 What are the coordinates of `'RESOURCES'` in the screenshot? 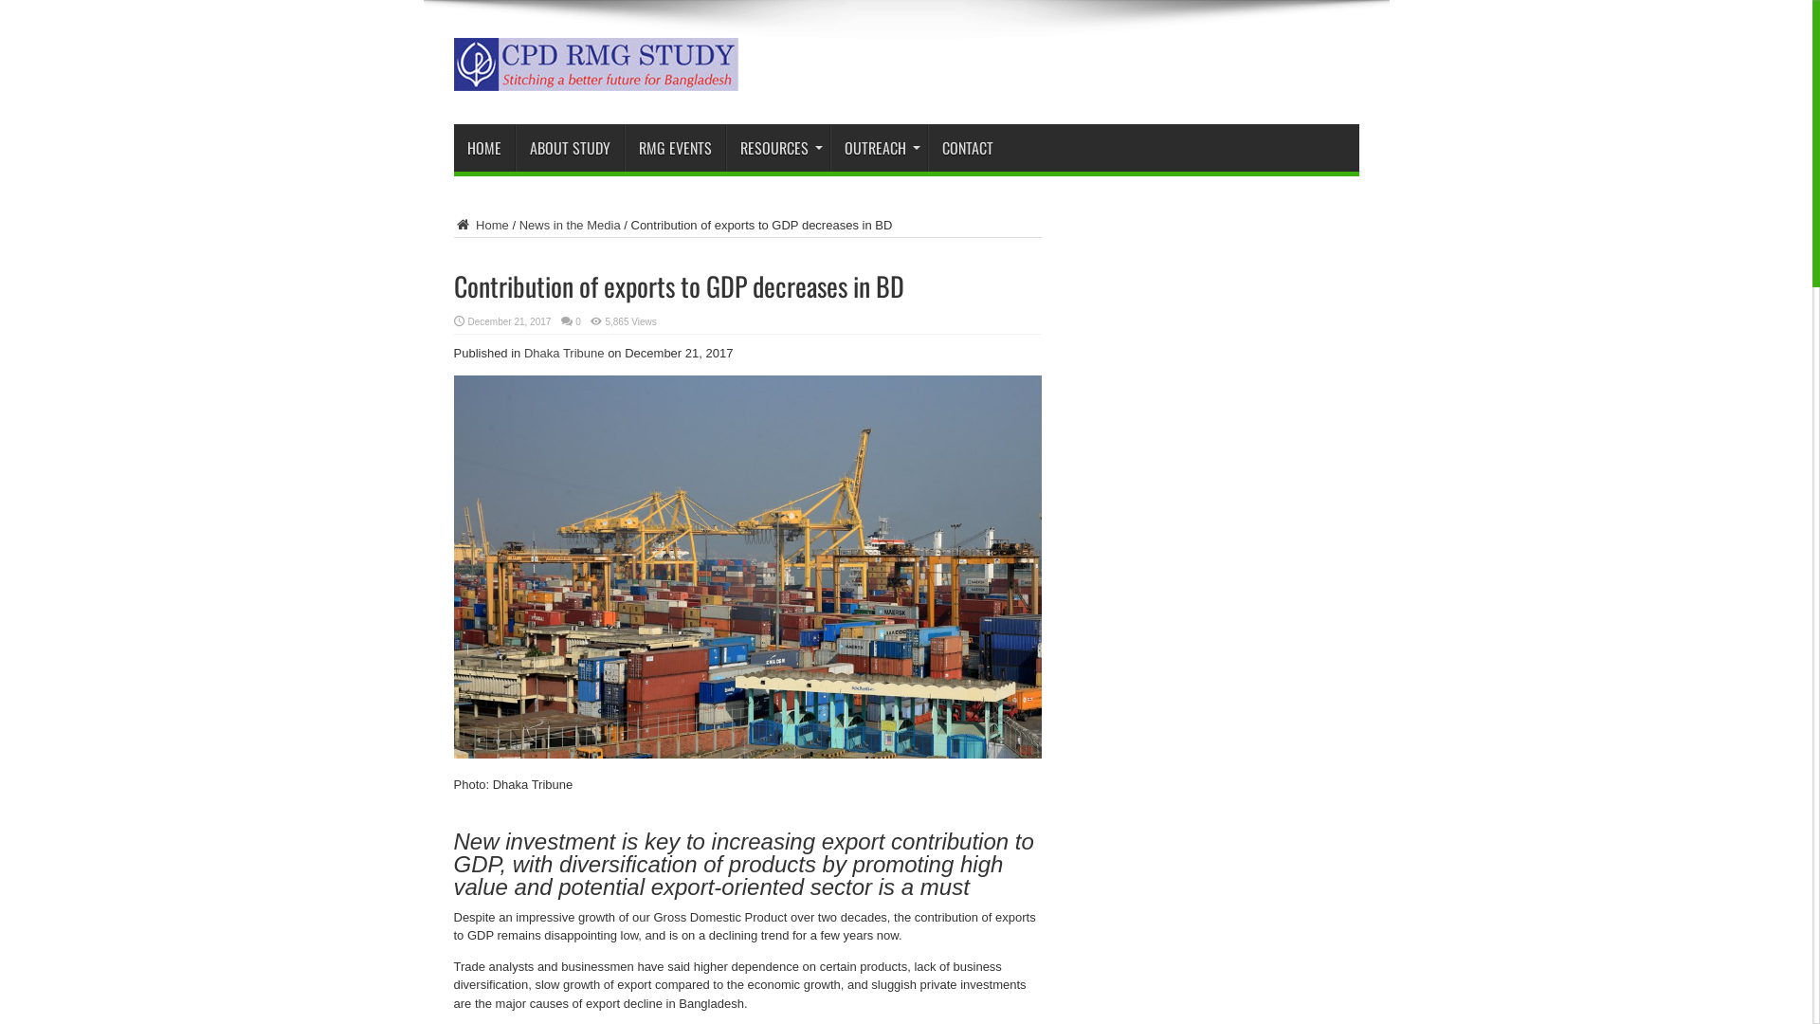 It's located at (725, 146).